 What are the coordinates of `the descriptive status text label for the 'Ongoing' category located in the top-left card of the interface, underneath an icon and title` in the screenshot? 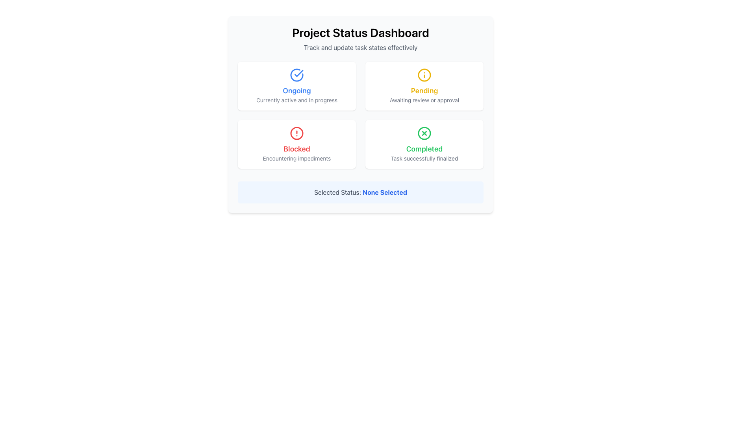 It's located at (296, 100).